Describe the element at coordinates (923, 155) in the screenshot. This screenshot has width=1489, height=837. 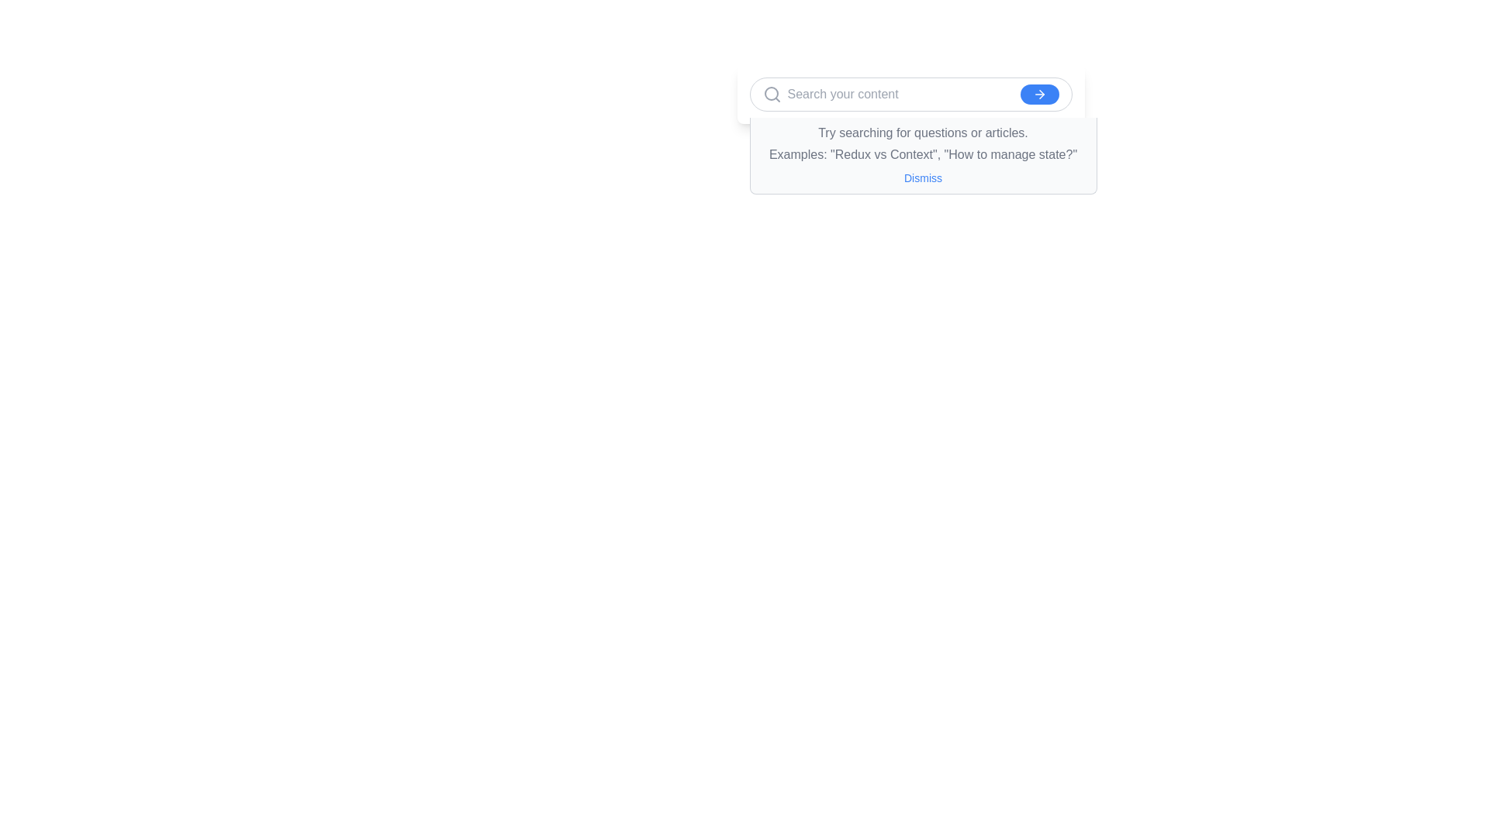
I see `static text displaying examples of questions, located in the help section of the pop-up panel, which reads 'Examples: "Redux vs Context", "How to manage state?"'` at that location.